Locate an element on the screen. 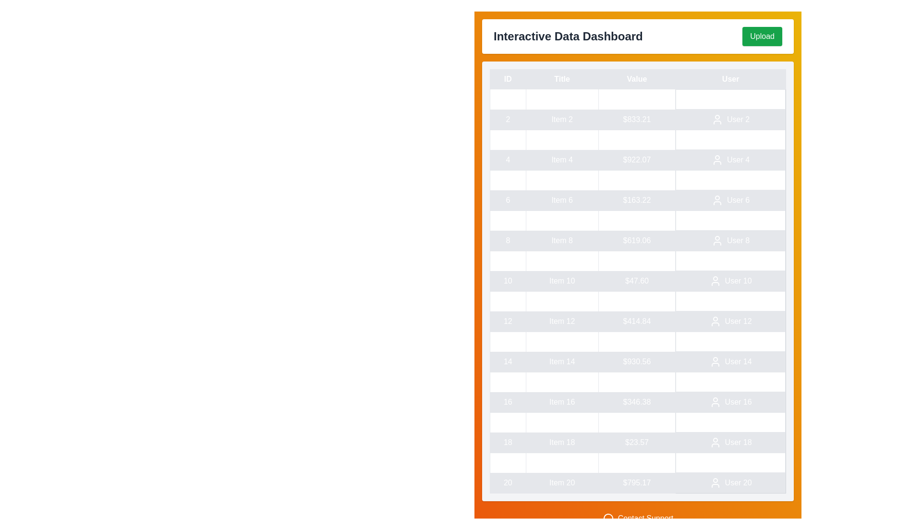  the 'Upload' button located in the header of the dashboard is located at coordinates (762, 36).